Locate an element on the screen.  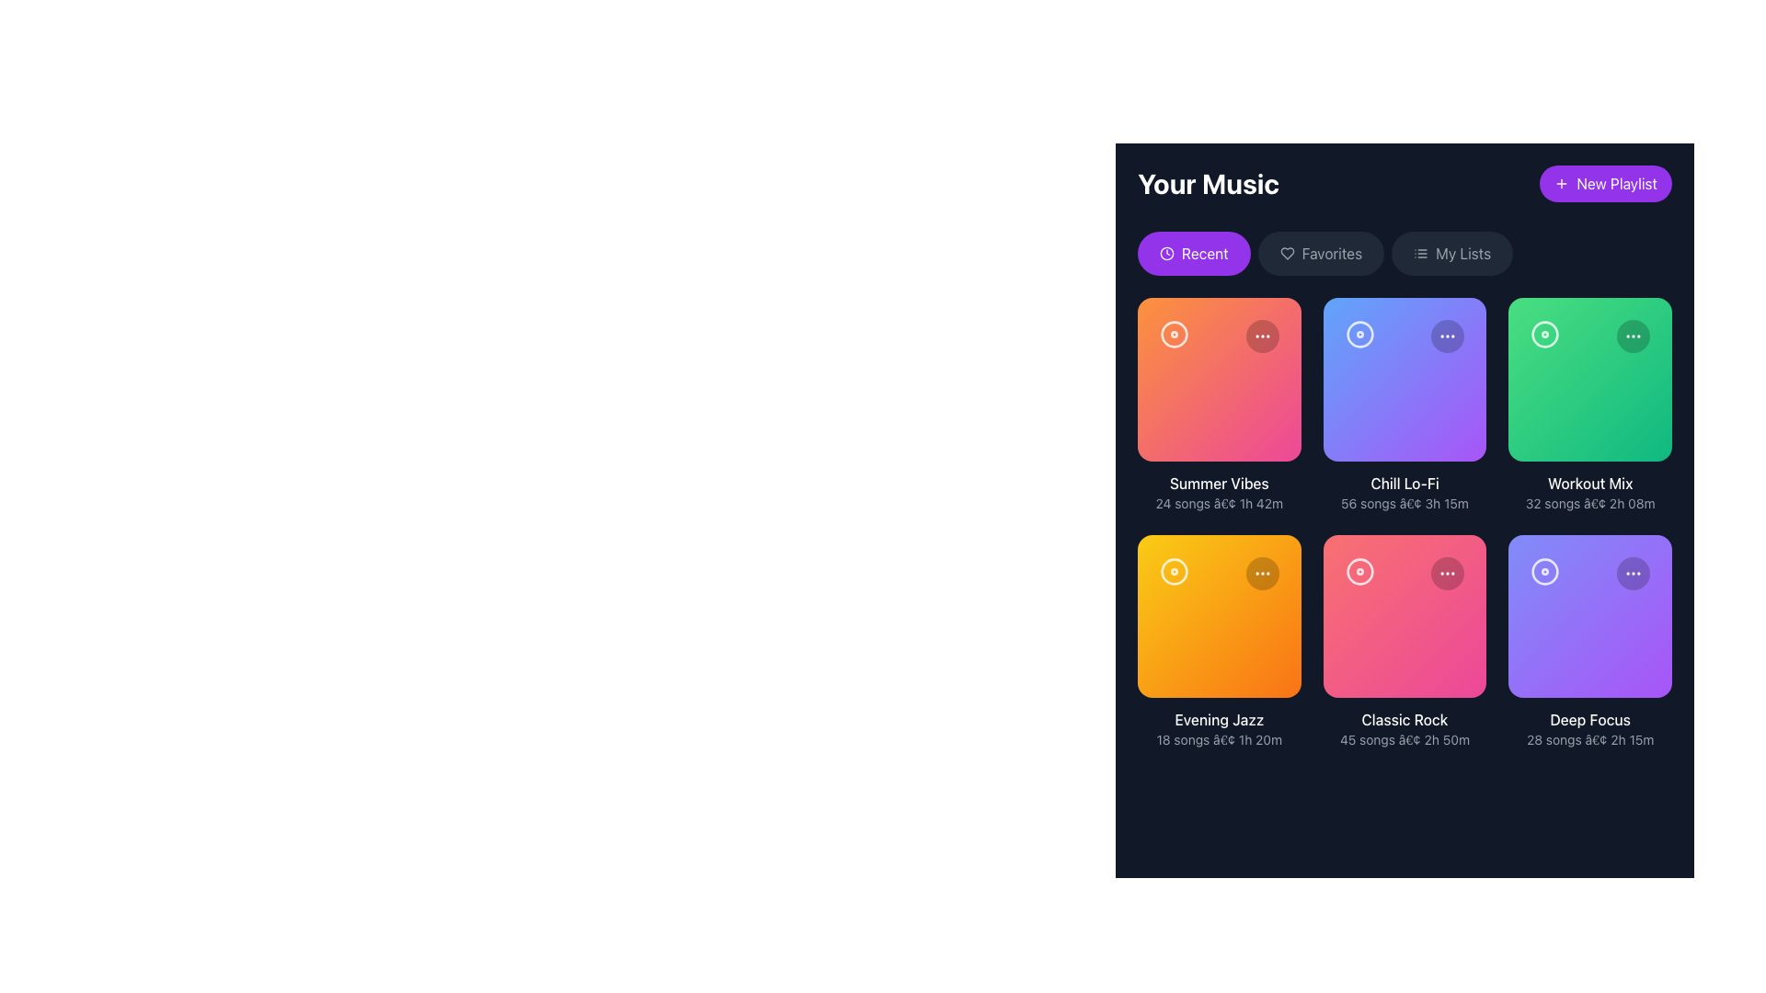
the circular button with a dark semi-transparent background and three white dots in the top-right corner of the 'Evening Jazz' orange card is located at coordinates (1261, 572).